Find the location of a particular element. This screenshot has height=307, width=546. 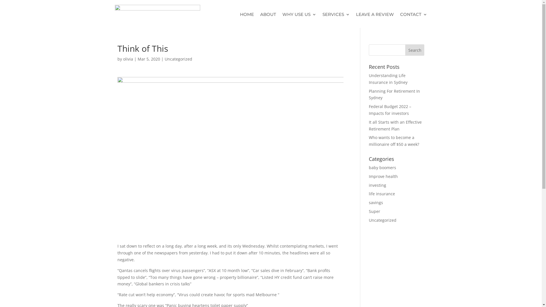

'Super' is located at coordinates (374, 211).